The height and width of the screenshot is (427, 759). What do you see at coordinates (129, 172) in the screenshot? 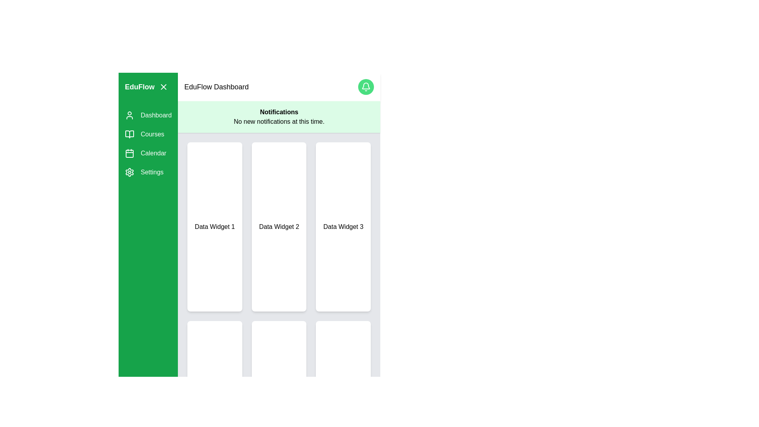
I see `the settings icon located on the left vertical menu bar, next to the text 'Settings', to enter the settings section of the application` at bounding box center [129, 172].